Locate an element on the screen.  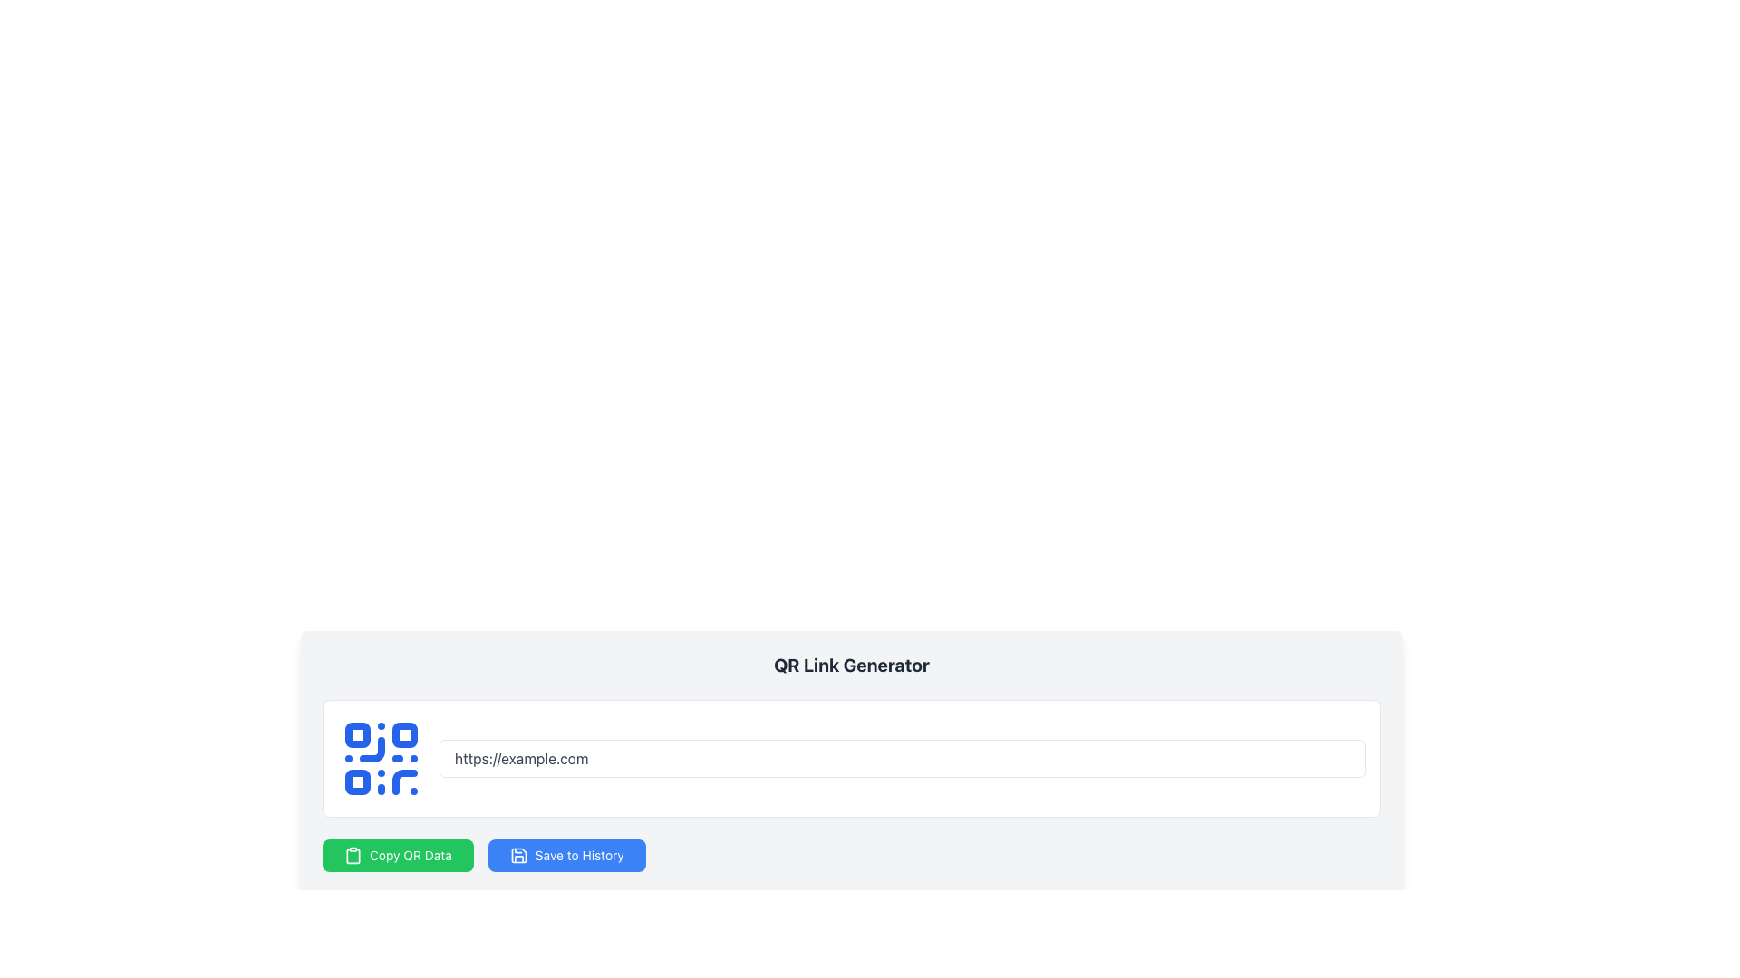
the content within the text input field that allows users is located at coordinates (903, 758).